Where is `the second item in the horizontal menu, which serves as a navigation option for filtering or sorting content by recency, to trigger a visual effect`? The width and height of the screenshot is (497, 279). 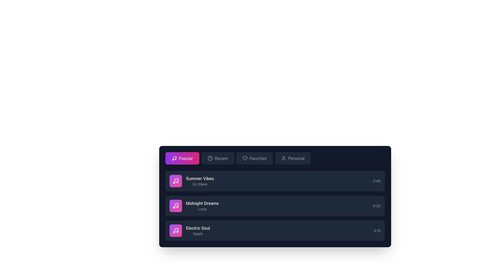
the second item in the horizontal menu, which serves as a navigation option for filtering or sorting content by recency, to trigger a visual effect is located at coordinates (221, 158).